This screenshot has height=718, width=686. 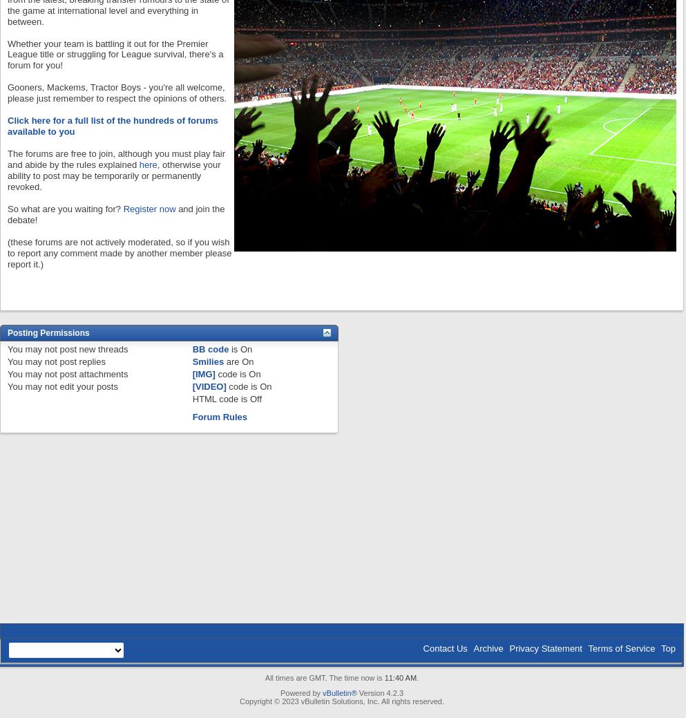 I want to click on 'Powered by', so click(x=301, y=693).